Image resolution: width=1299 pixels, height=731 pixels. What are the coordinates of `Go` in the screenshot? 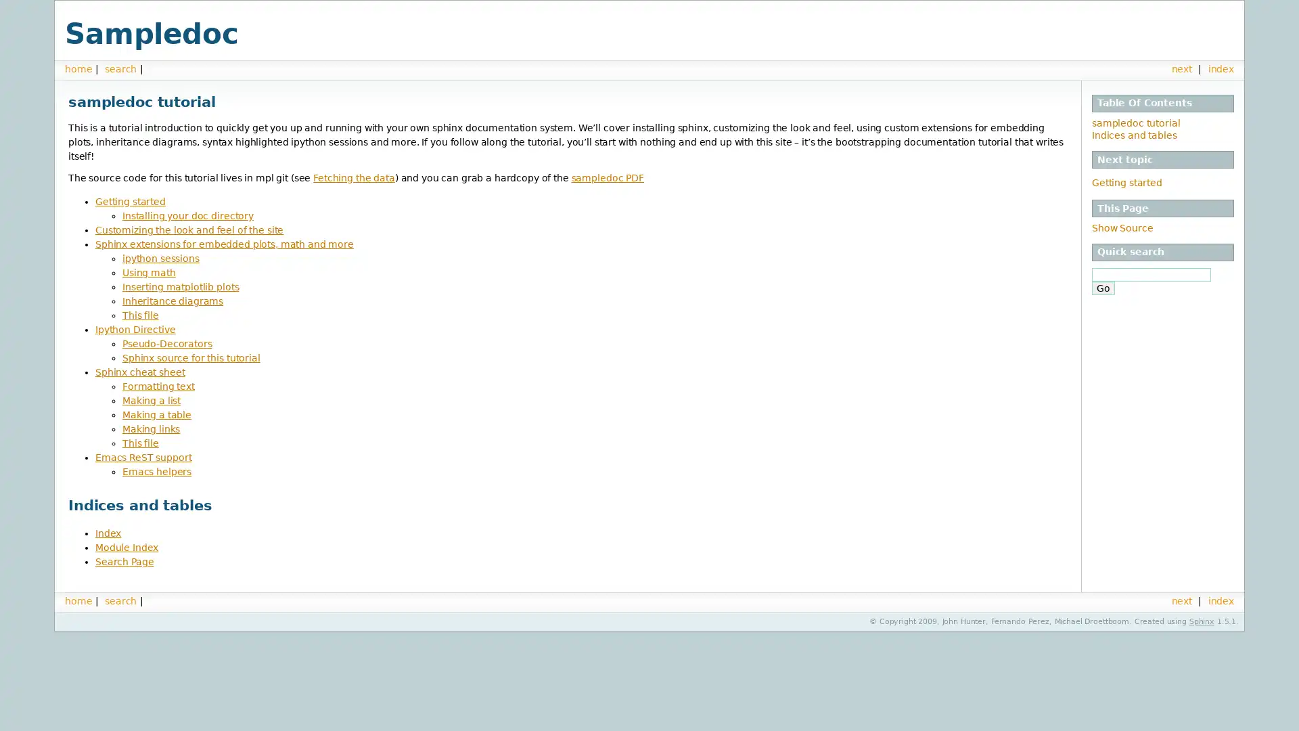 It's located at (1103, 286).